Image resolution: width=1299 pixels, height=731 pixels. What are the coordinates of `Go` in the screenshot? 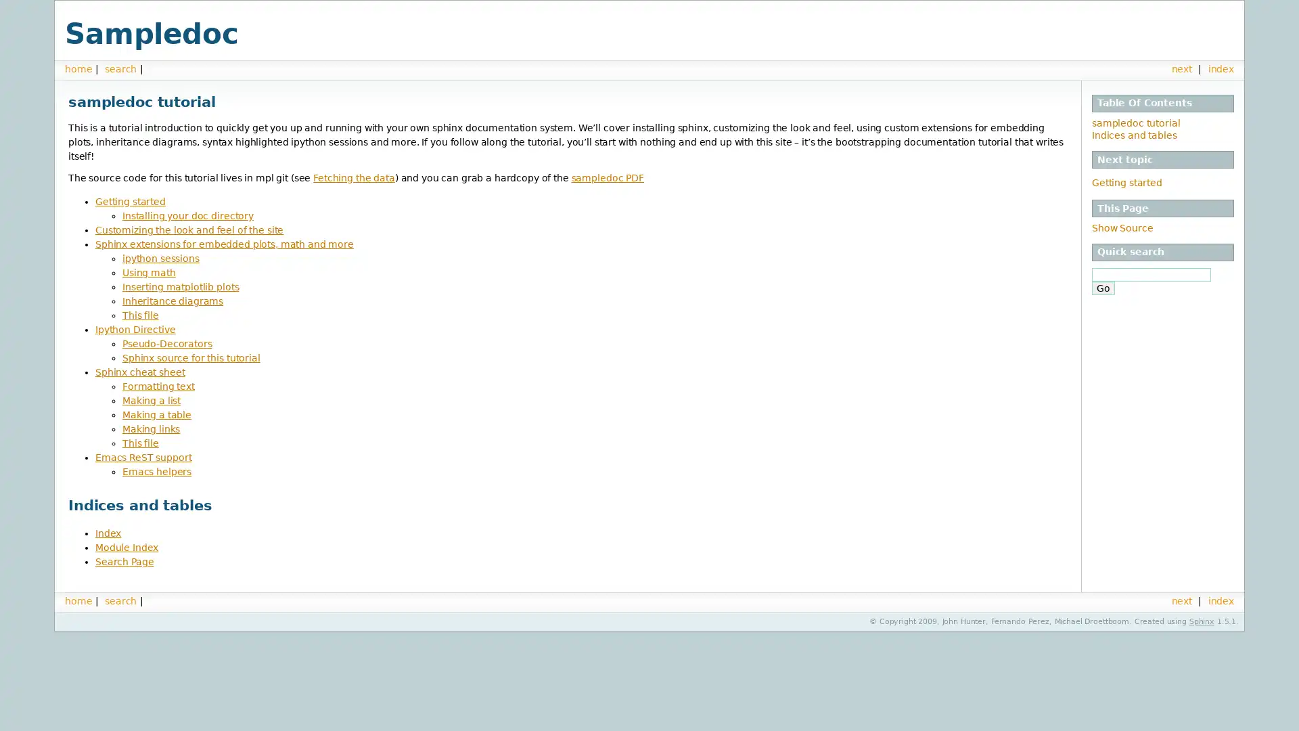 It's located at (1103, 286).